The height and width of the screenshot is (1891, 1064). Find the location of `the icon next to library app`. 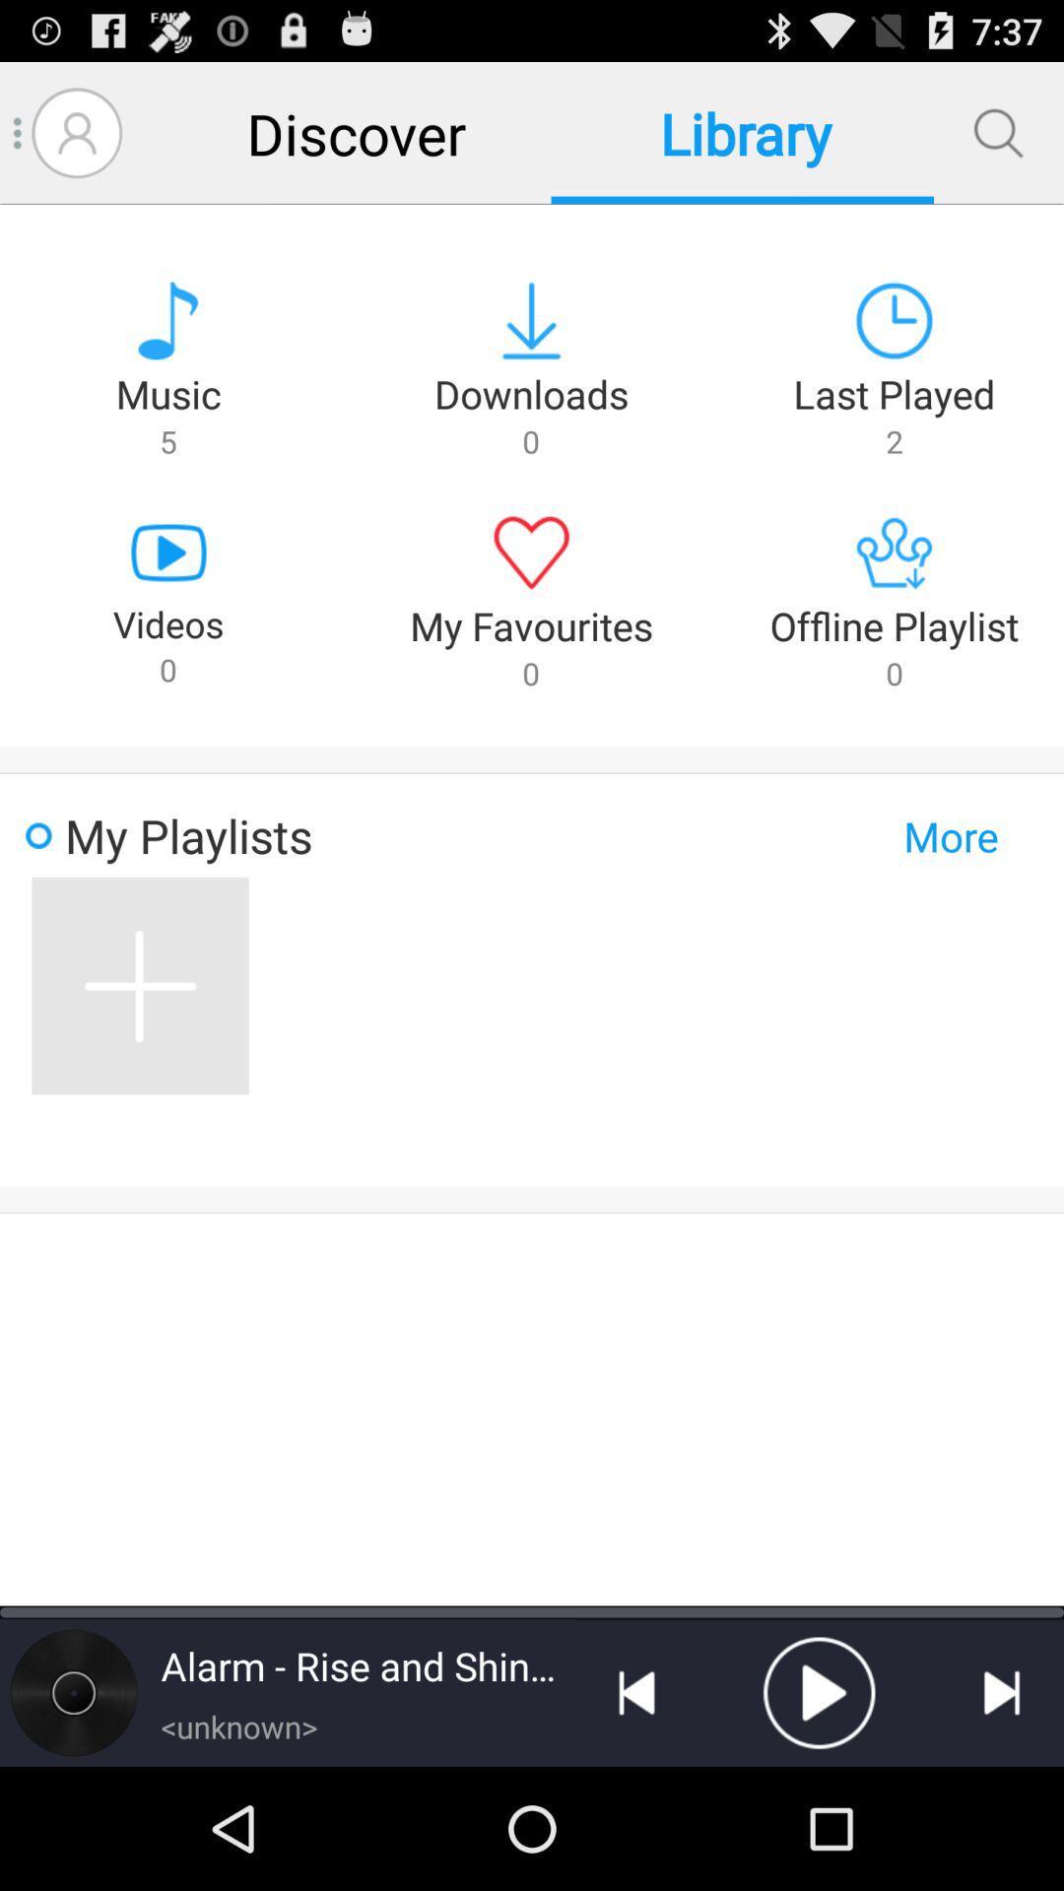

the icon next to library app is located at coordinates (356, 132).